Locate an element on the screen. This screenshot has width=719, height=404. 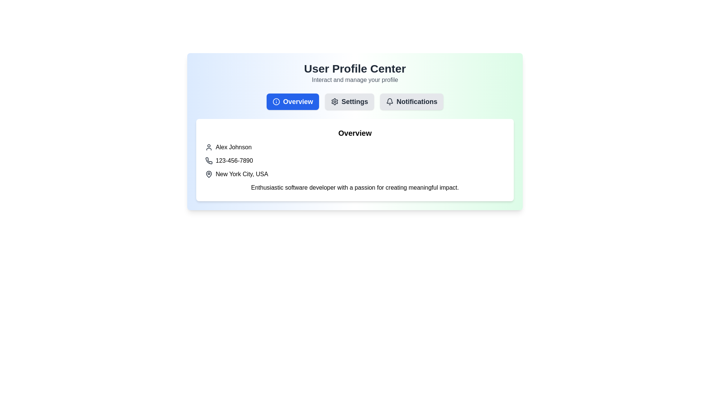
the circular information icon, which is styled with a white outline and a small 'i' in the center, located within the 'Overview' button to the left of the text label is located at coordinates (276, 102).